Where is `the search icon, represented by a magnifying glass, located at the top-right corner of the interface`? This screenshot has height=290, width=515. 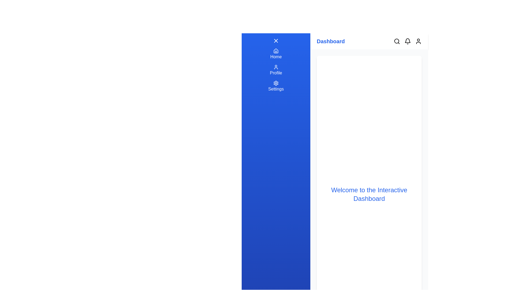
the search icon, represented by a magnifying glass, located at the top-right corner of the interface is located at coordinates (397, 41).